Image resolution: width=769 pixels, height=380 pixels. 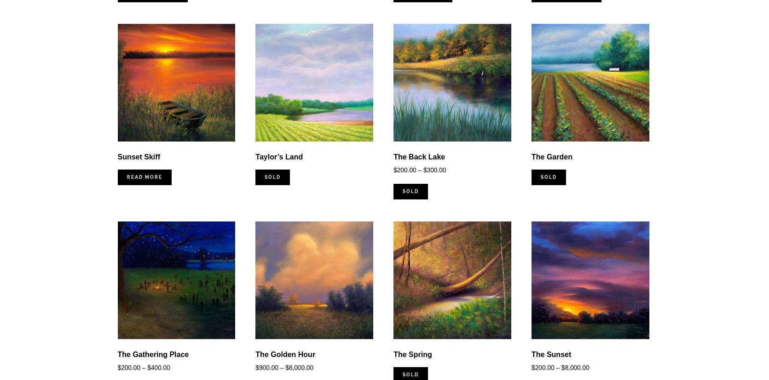 What do you see at coordinates (152, 354) in the screenshot?
I see `'The Gathering Place'` at bounding box center [152, 354].